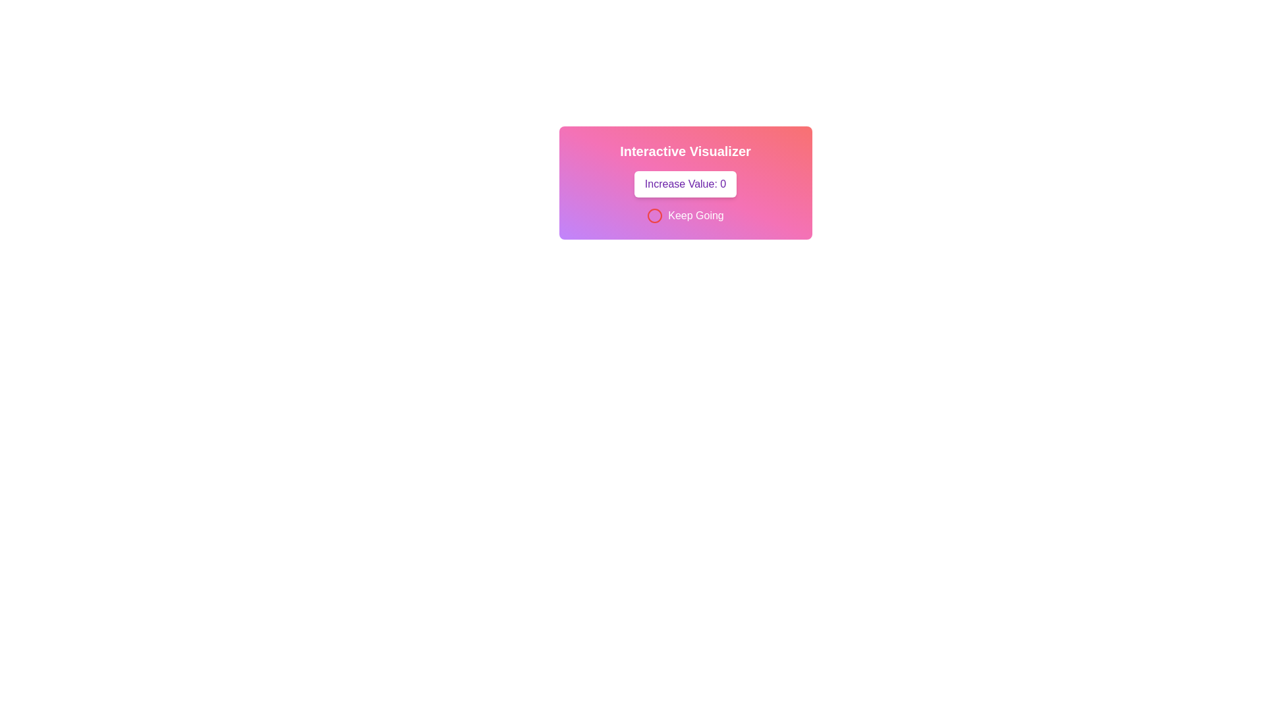 The height and width of the screenshot is (711, 1265). Describe the element at coordinates (655, 215) in the screenshot. I see `the status icon located to the left of the 'Keep Going' text and below the 'Increase Value: 0' button` at that location.